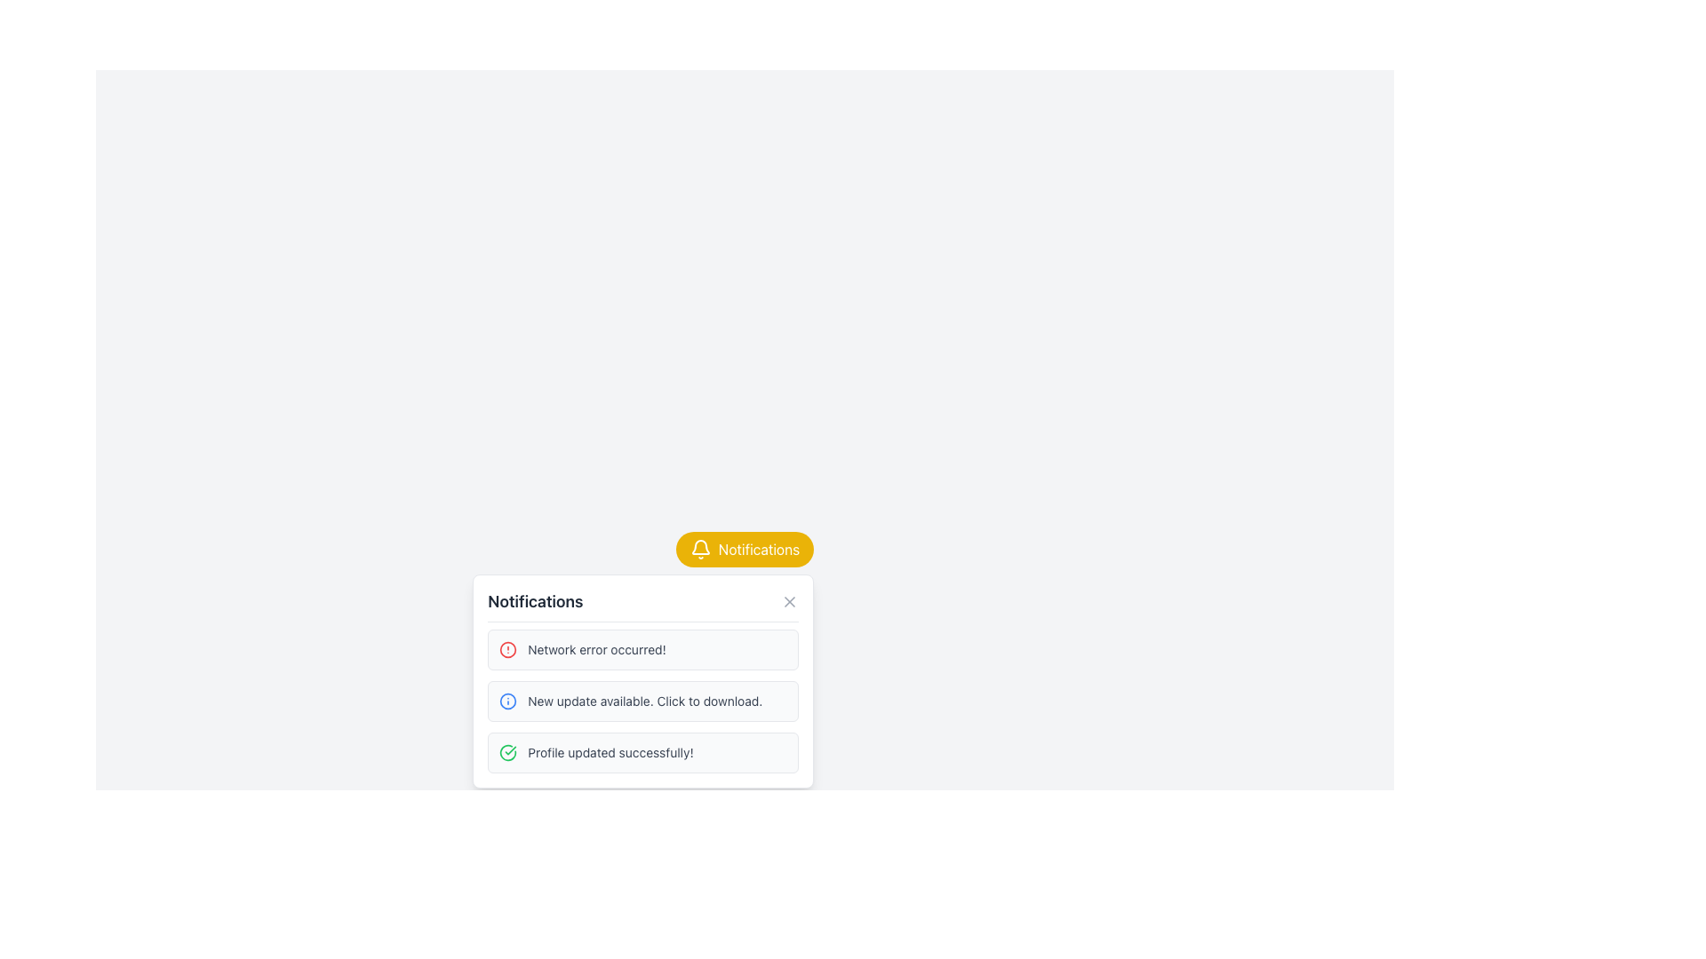 This screenshot has width=1706, height=959. Describe the element at coordinates (745, 548) in the screenshot. I see `the yellow rectangular button with a bell icon and 'Notifications' text located at the top-right of the notifications modal` at that location.